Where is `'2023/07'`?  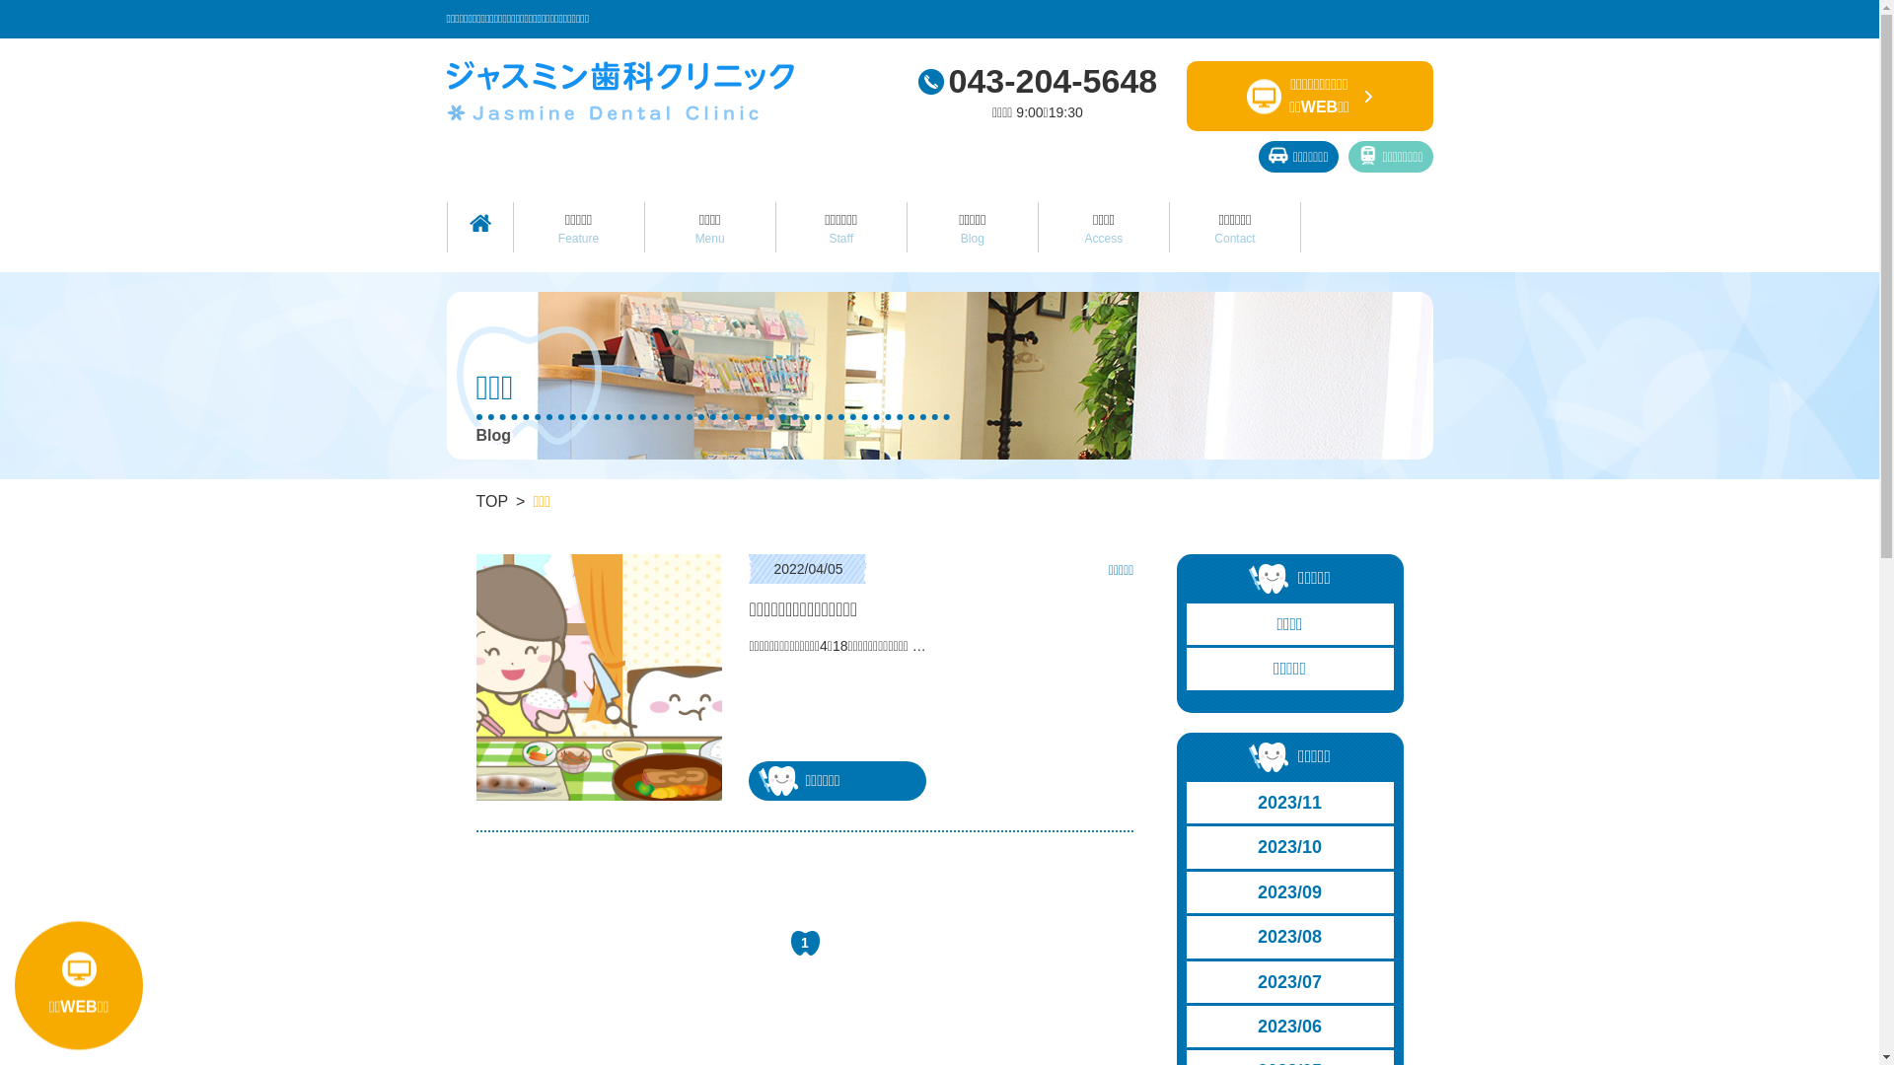 '2023/07' is located at coordinates (1290, 981).